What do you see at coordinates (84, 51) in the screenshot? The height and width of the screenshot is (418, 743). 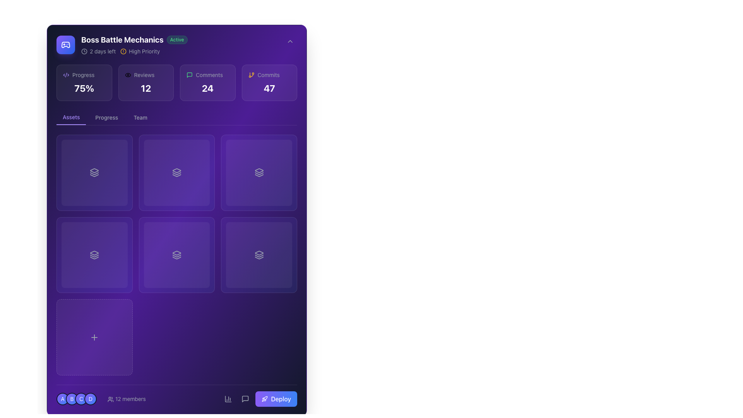 I see `the SVG Circle that represents the clock face's boundary within the clock icon located in the top-left section of the interface` at bounding box center [84, 51].